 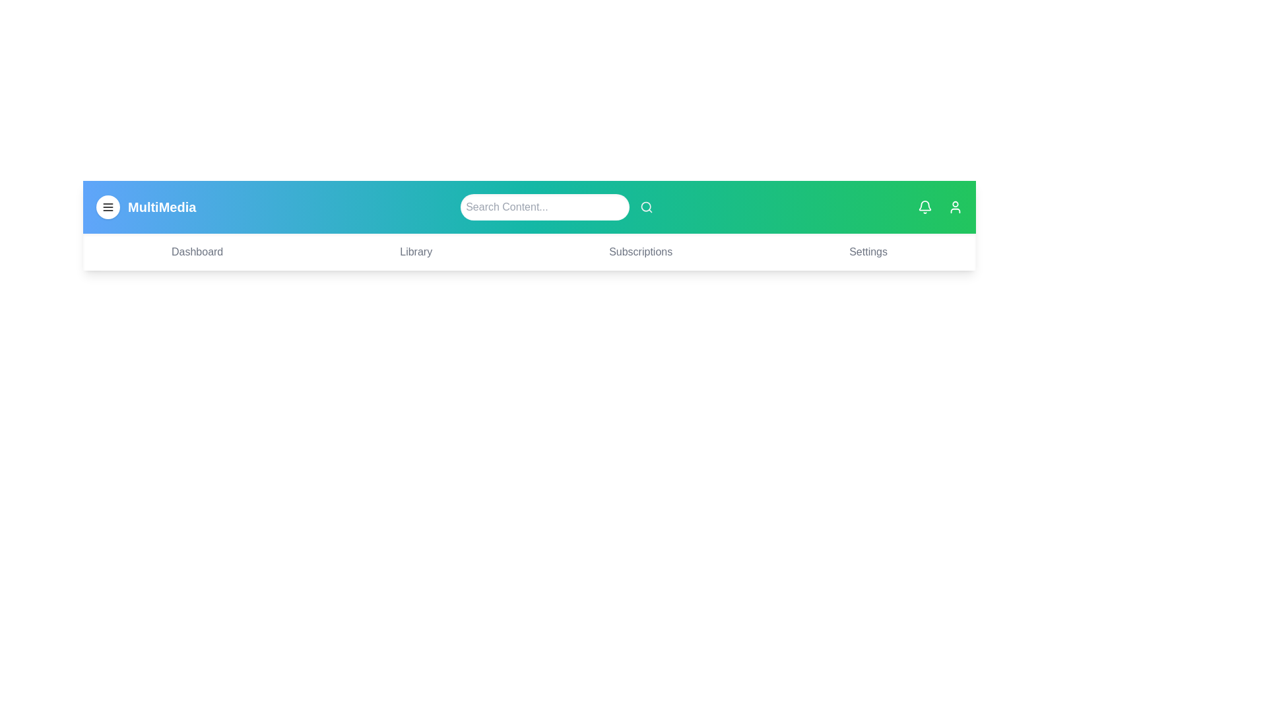 I want to click on the Settings navigation menu item, so click(x=868, y=252).